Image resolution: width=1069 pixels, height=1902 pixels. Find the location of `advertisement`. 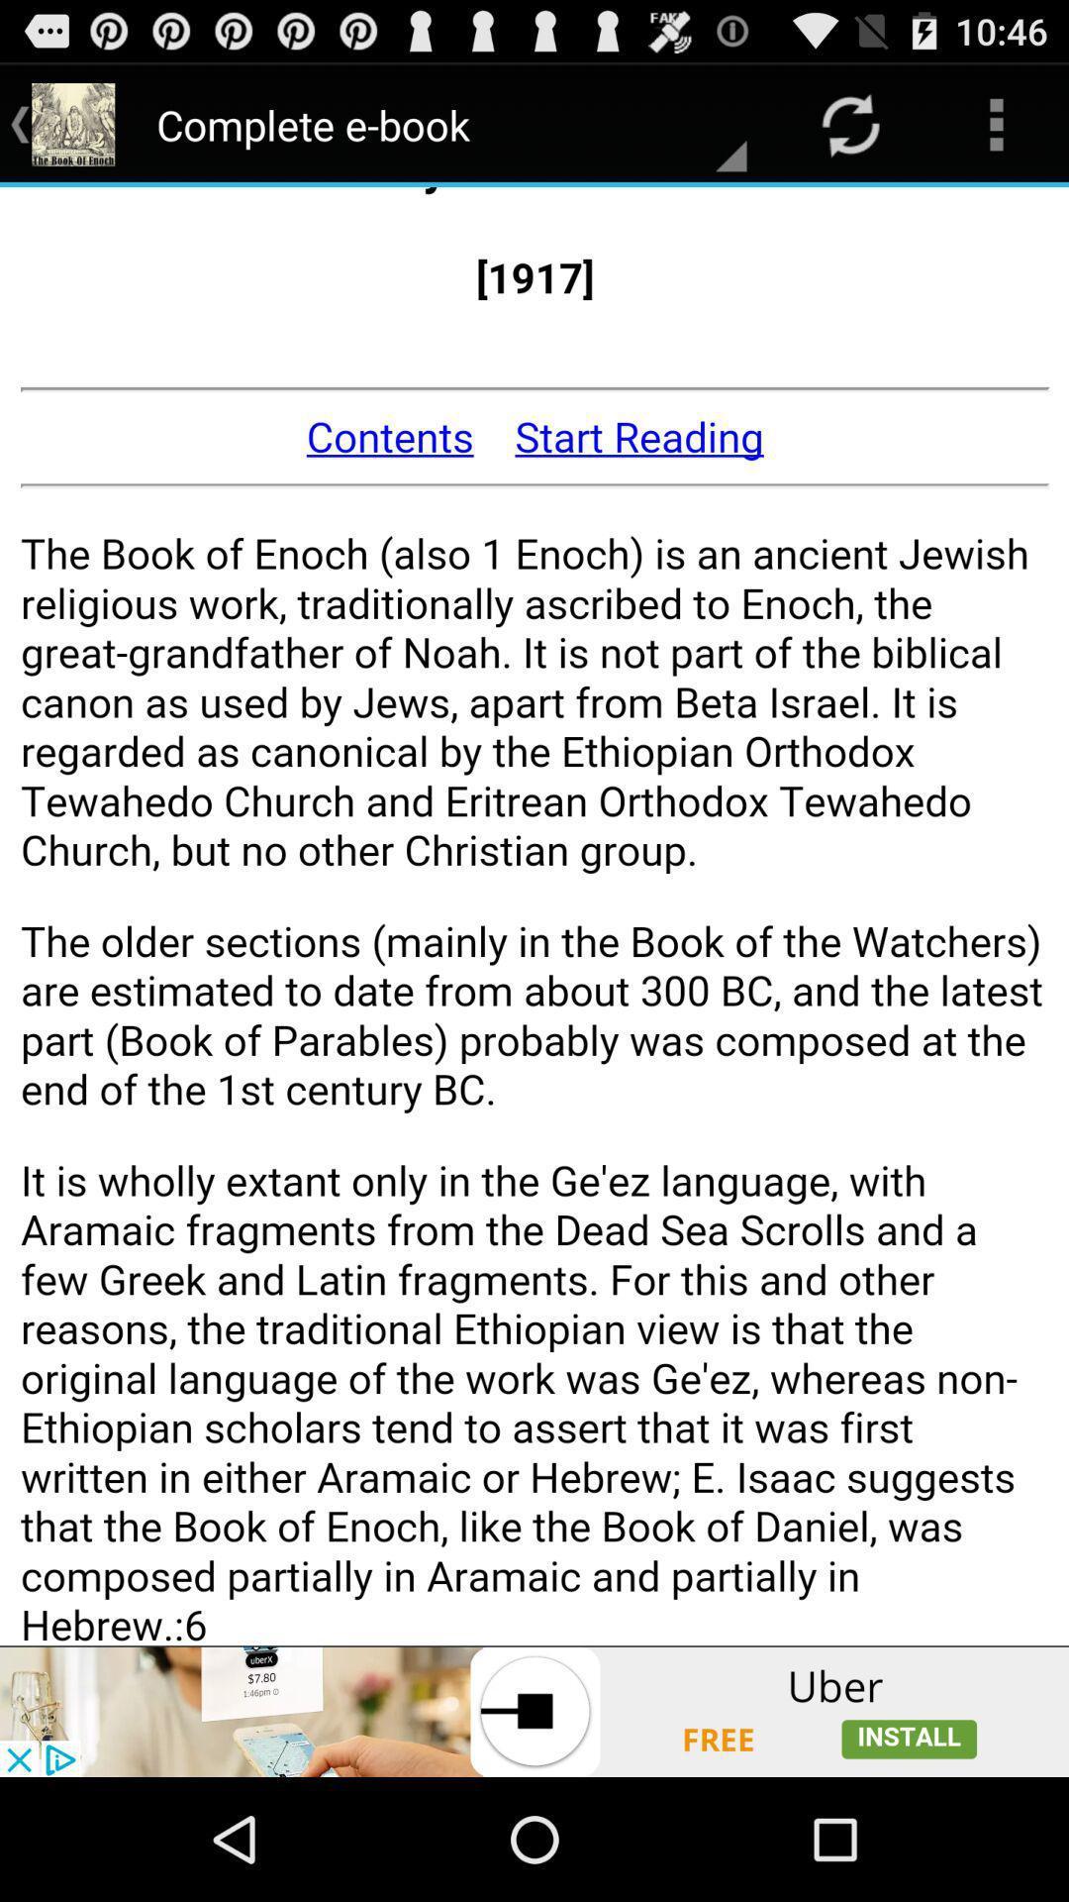

advertisement is located at coordinates (534, 1711).